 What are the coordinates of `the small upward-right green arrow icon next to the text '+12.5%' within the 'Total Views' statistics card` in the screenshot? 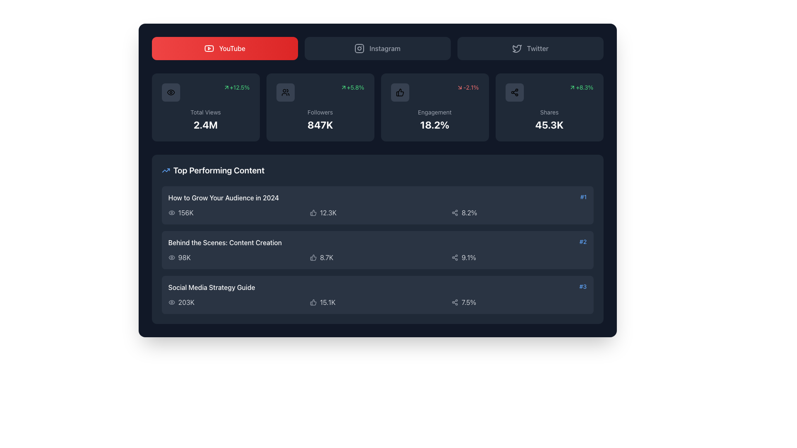 It's located at (226, 88).